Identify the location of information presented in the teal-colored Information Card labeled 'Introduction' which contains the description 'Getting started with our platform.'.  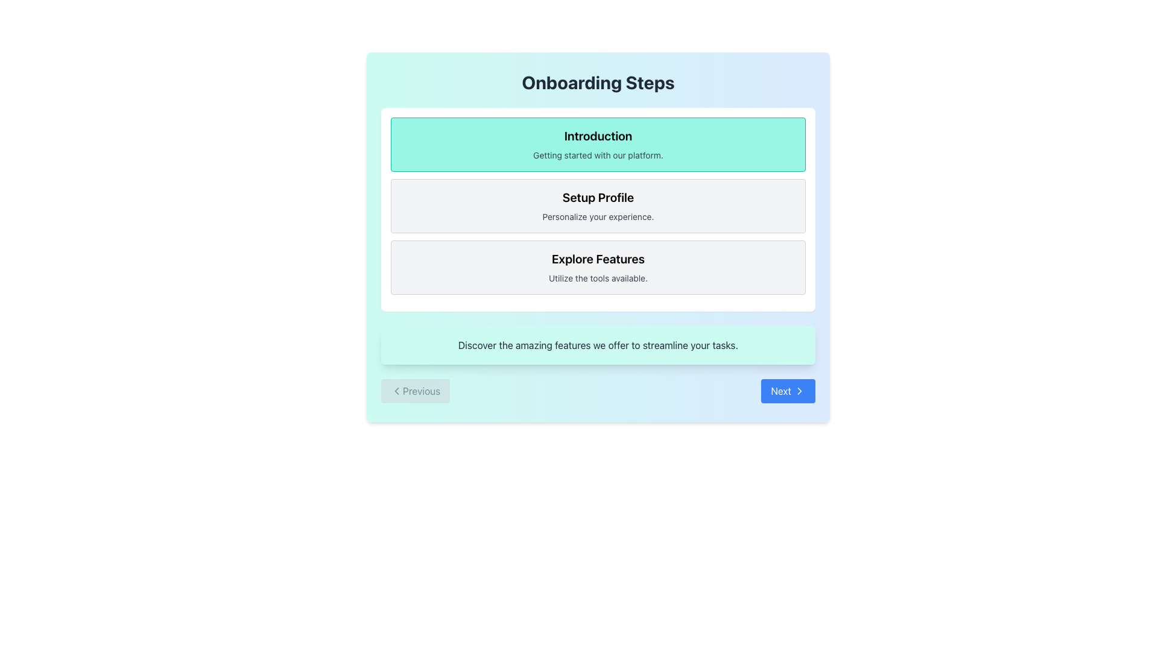
(598, 143).